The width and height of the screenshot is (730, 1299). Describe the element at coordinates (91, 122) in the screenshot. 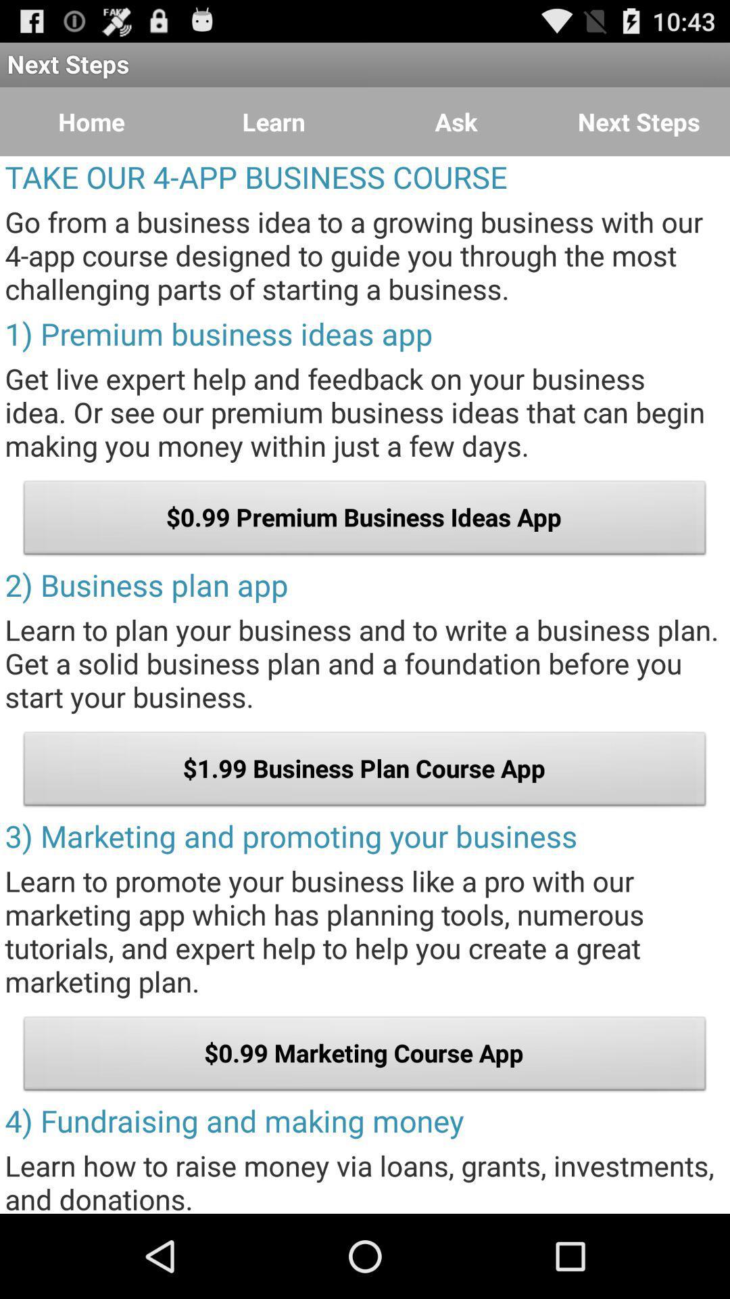

I see `the icon next to the learn item` at that location.